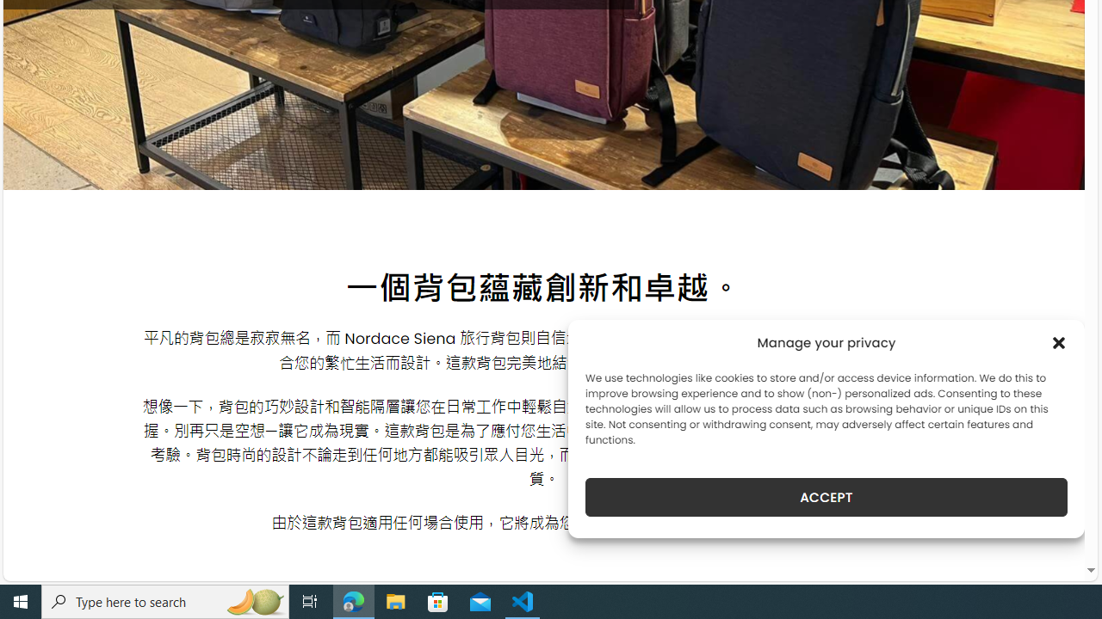 This screenshot has width=1102, height=619. Describe the element at coordinates (1058, 342) in the screenshot. I see `'Class: cmplz-close'` at that location.